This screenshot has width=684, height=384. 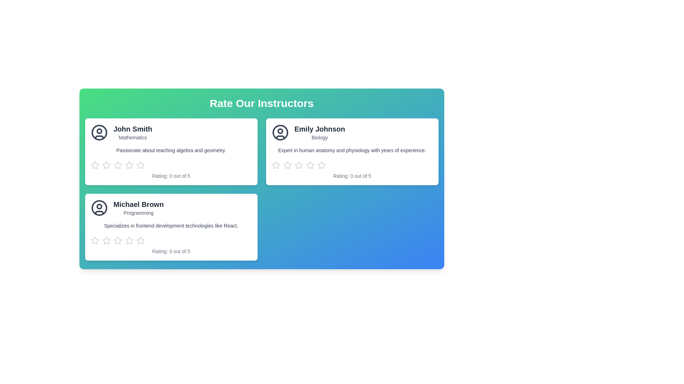 What do you see at coordinates (299, 165) in the screenshot?
I see `the second star in the star rating system below the 'Emily Johnson' profile card to signify a rating of two out of five` at bounding box center [299, 165].